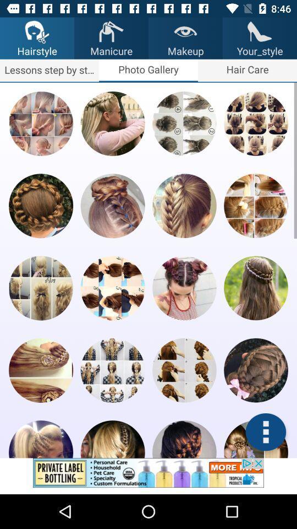 This screenshot has width=297, height=529. What do you see at coordinates (112, 288) in the screenshot?
I see `the image` at bounding box center [112, 288].